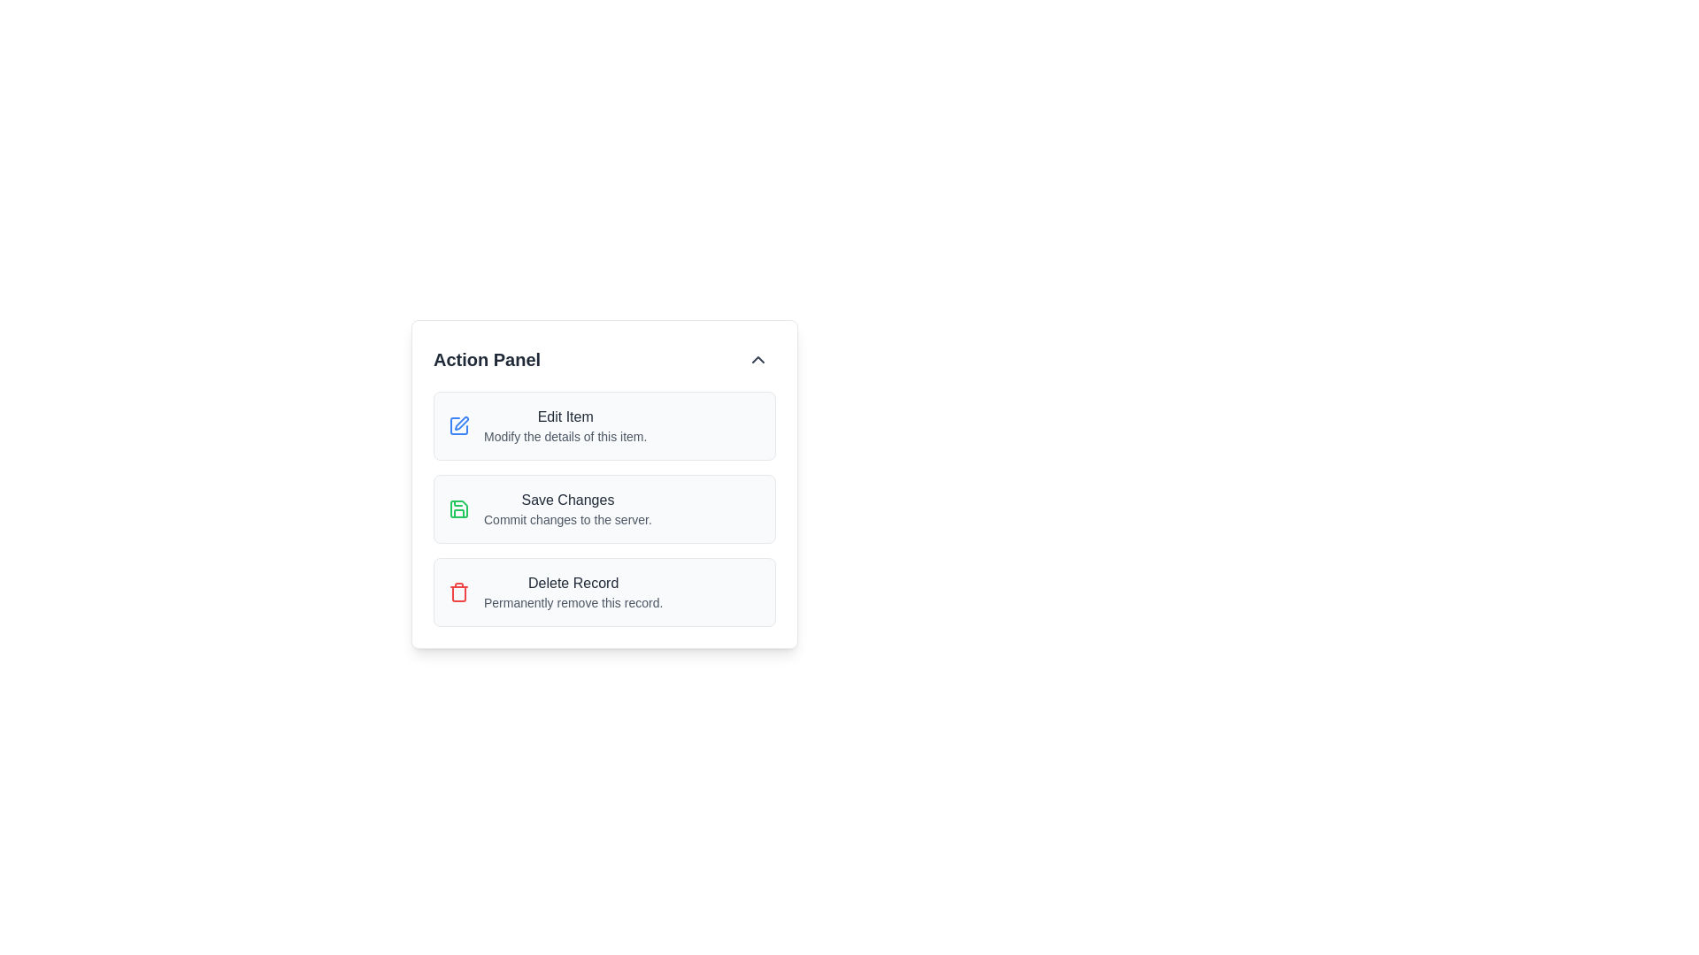  Describe the element at coordinates (604, 508) in the screenshot. I see `the 'Save Changes' button in the Action Panel, which is the second item in the vertical list of action items` at that location.